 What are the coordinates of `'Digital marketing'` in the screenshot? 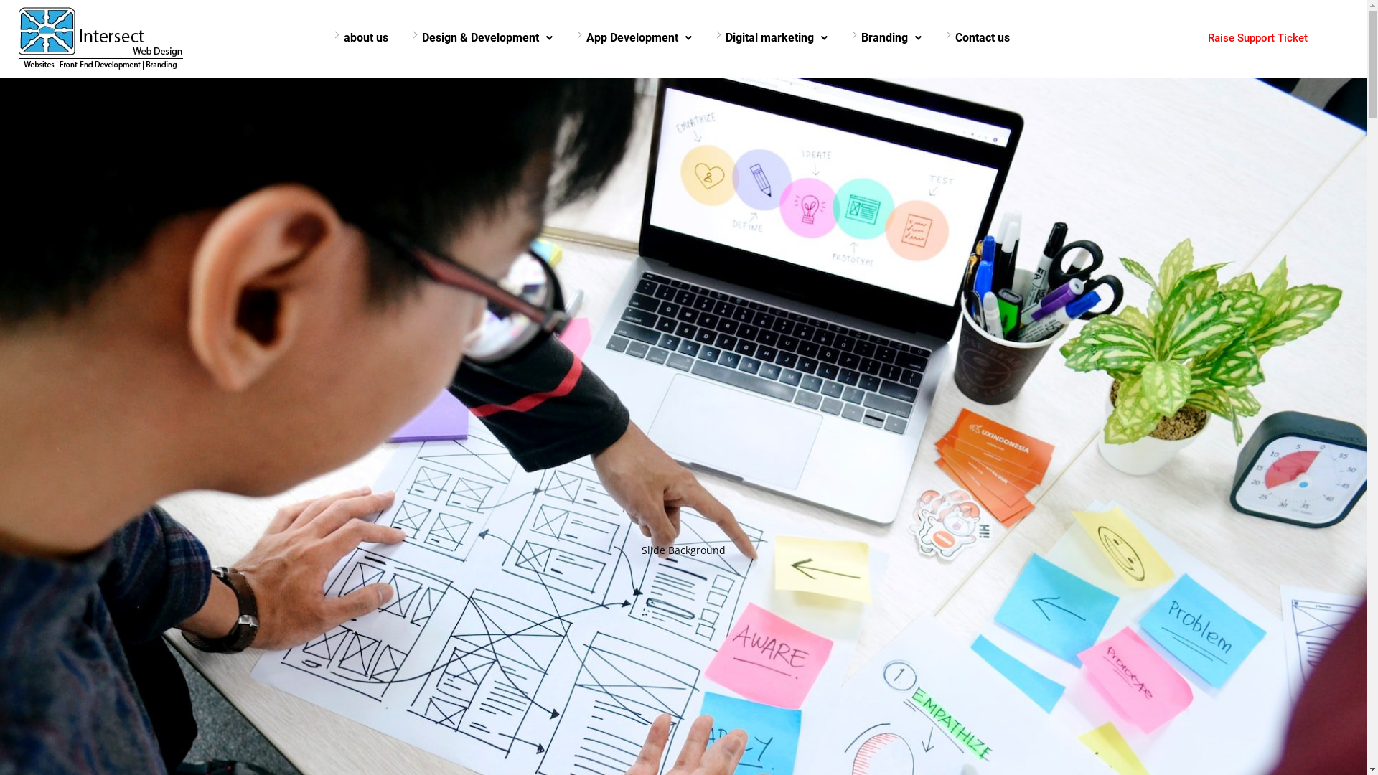 It's located at (775, 37).